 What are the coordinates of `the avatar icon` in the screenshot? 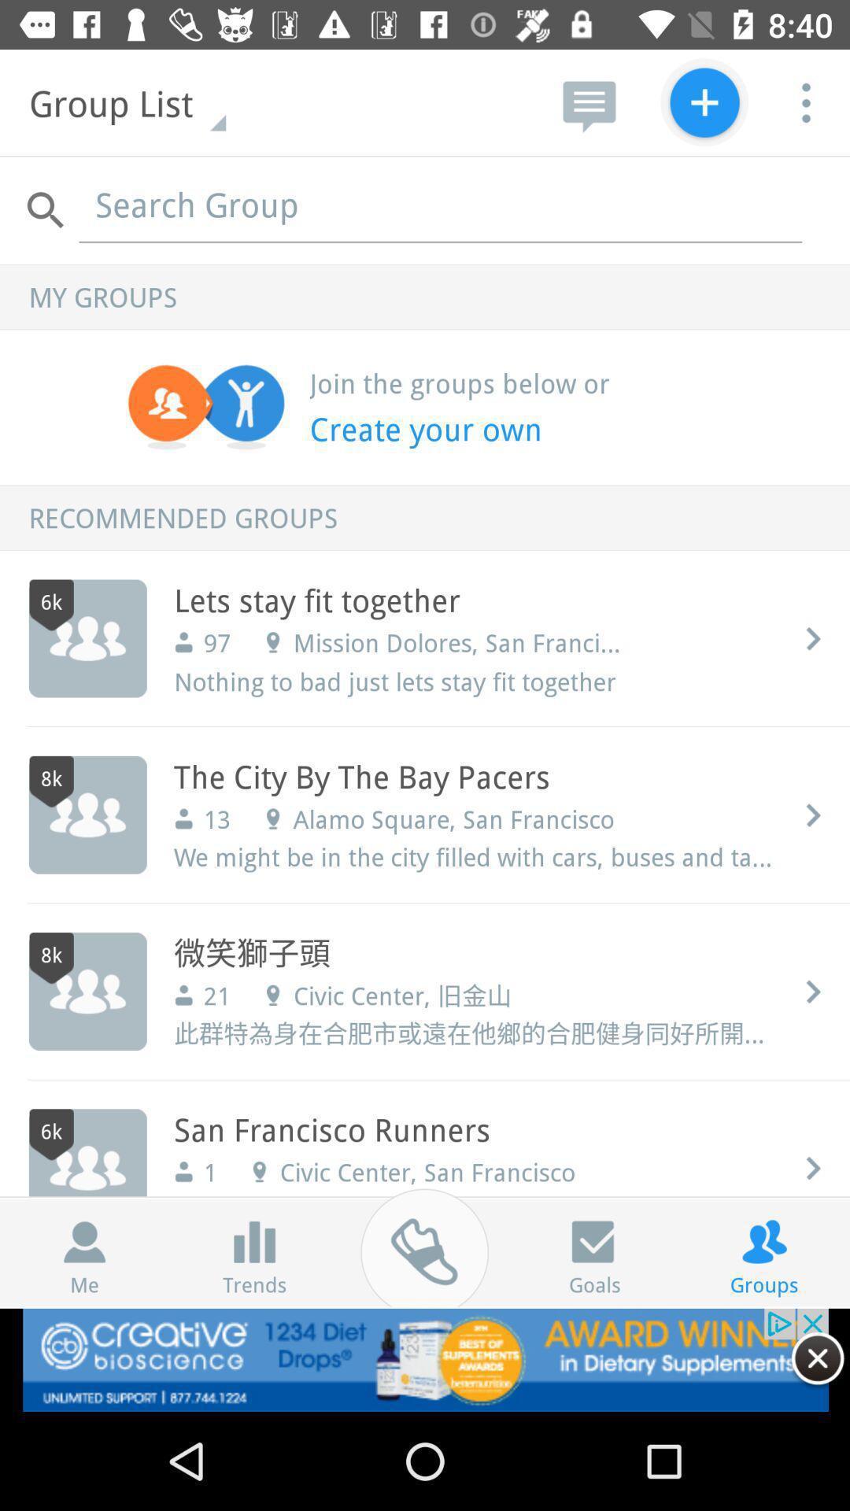 It's located at (84, 1241).